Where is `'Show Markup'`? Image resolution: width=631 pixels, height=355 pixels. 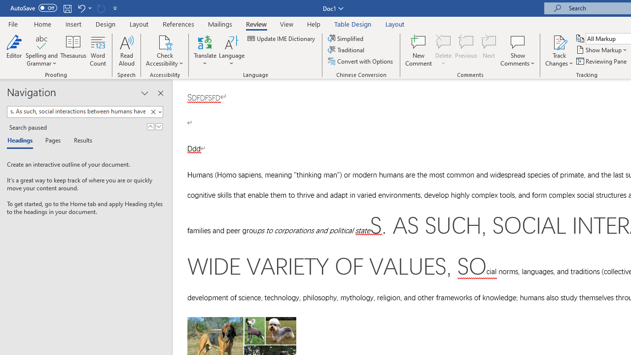
'Show Markup' is located at coordinates (602, 50).